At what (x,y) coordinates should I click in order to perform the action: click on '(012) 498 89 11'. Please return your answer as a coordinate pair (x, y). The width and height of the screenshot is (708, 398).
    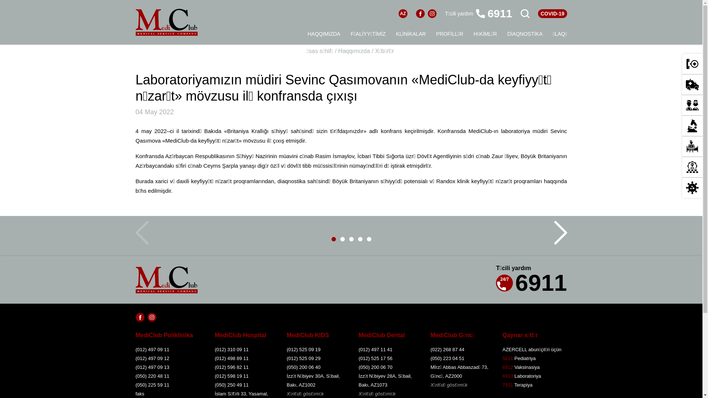
    Looking at the image, I should click on (214, 358).